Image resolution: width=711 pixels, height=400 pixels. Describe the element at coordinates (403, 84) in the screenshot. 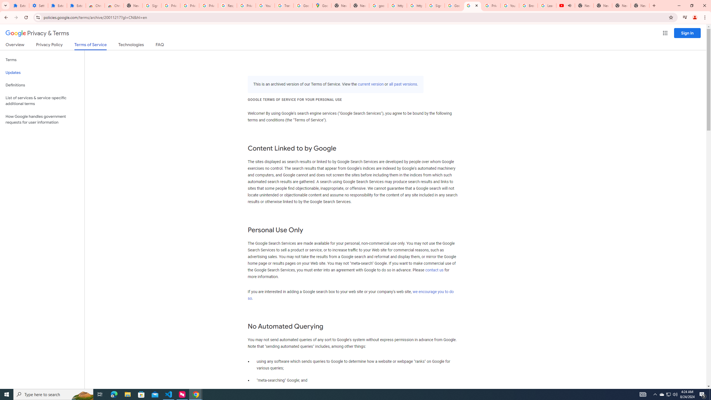

I see `'all past versions'` at that location.